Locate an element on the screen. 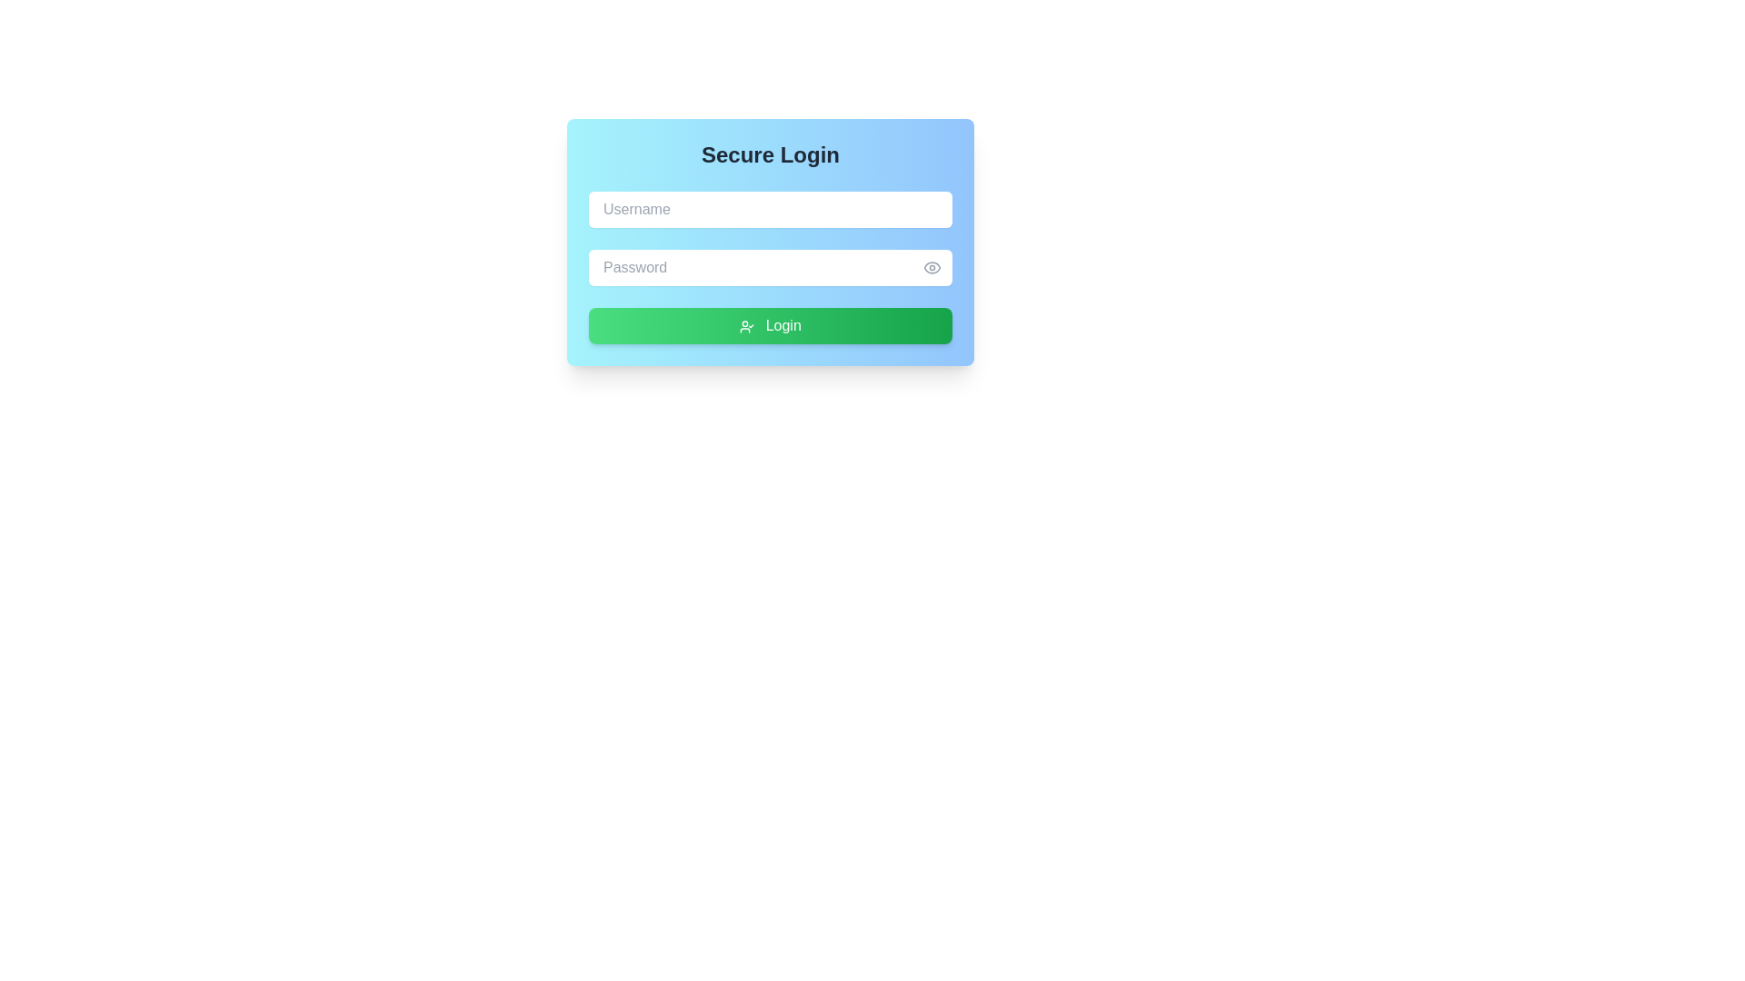 This screenshot has width=1745, height=981. the 'Login' button with a gradient background and white text is located at coordinates (771, 324).